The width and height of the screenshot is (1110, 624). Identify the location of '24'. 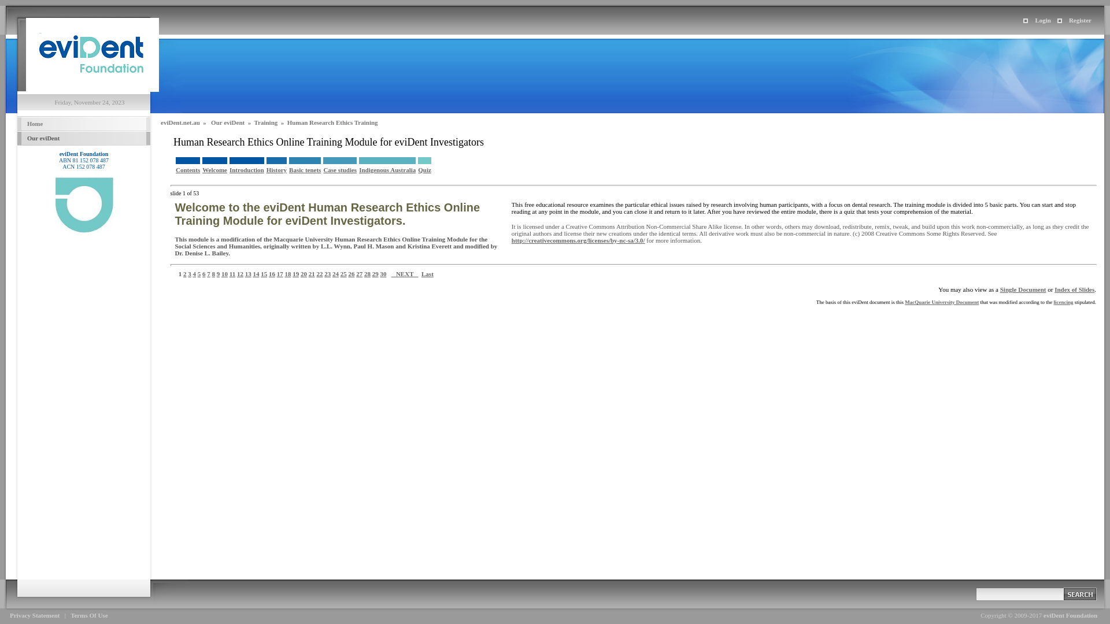
(332, 274).